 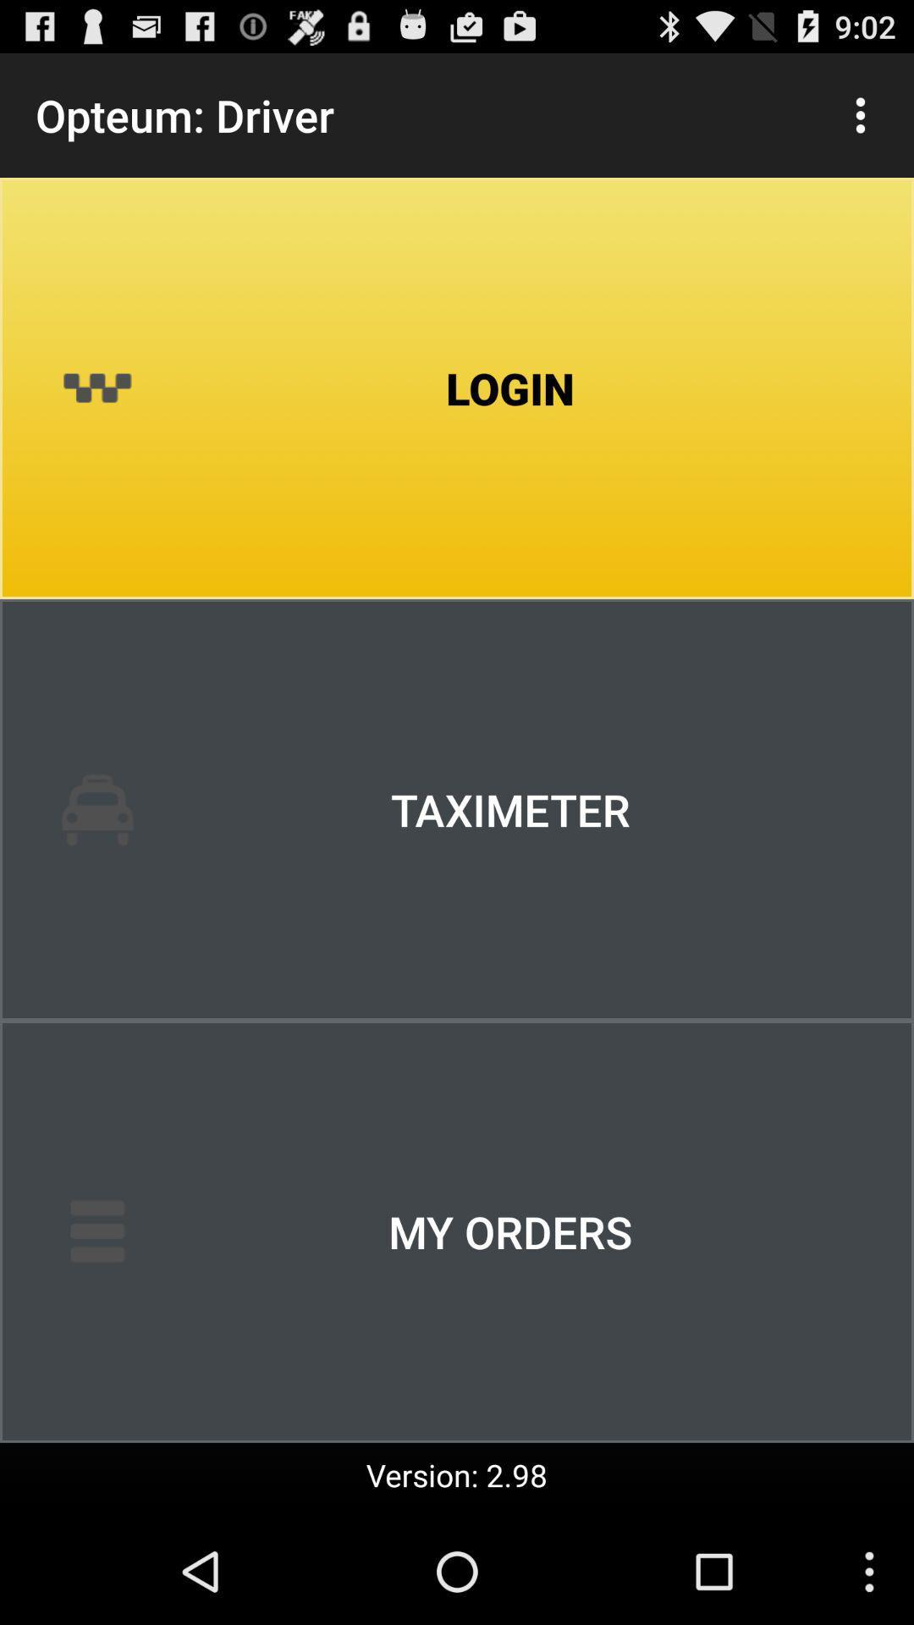 What do you see at coordinates (457, 808) in the screenshot?
I see `taximeter item` at bounding box center [457, 808].